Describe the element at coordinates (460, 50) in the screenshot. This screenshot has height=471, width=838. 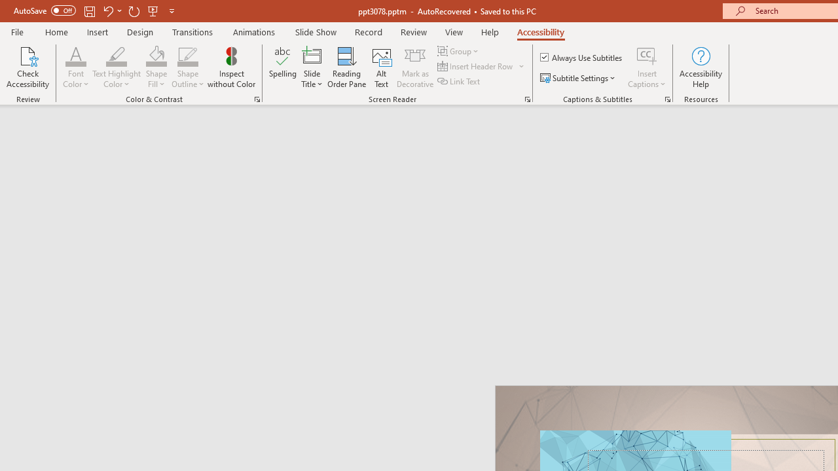
I see `'Group'` at that location.